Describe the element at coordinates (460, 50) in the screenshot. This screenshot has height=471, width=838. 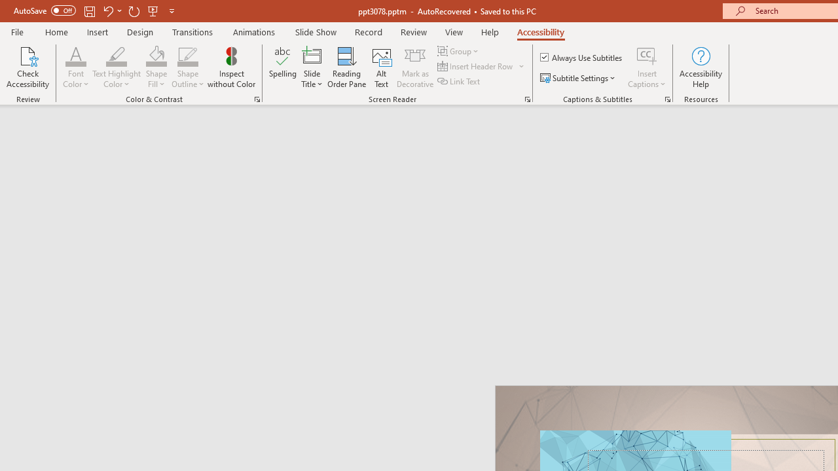
I see `'Group'` at that location.